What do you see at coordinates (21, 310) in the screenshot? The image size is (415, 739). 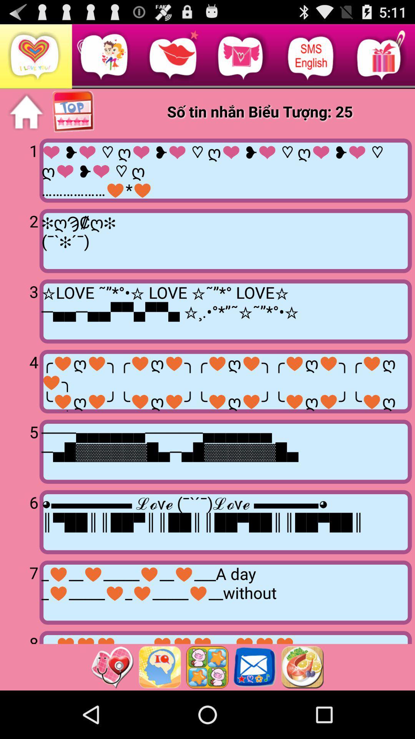 I see `the icon above 4 icon` at bounding box center [21, 310].